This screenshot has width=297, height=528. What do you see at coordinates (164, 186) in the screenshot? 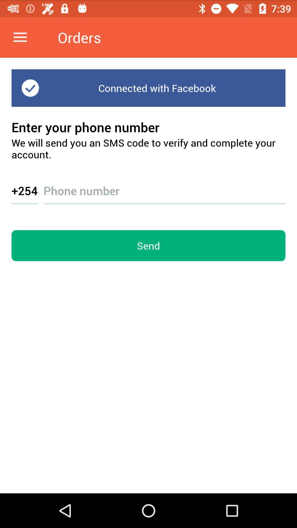
I see `item next to +254 item` at bounding box center [164, 186].